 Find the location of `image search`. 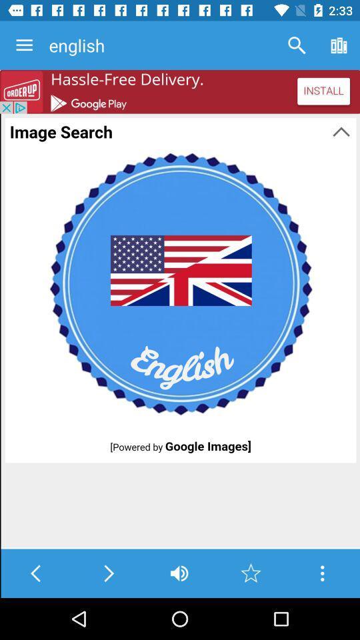

image search is located at coordinates (180, 330).